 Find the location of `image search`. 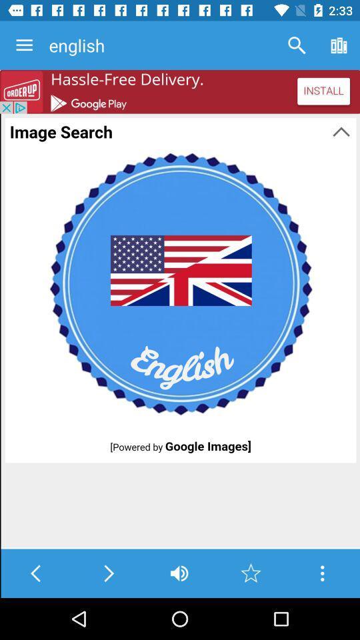

image search is located at coordinates (180, 330).